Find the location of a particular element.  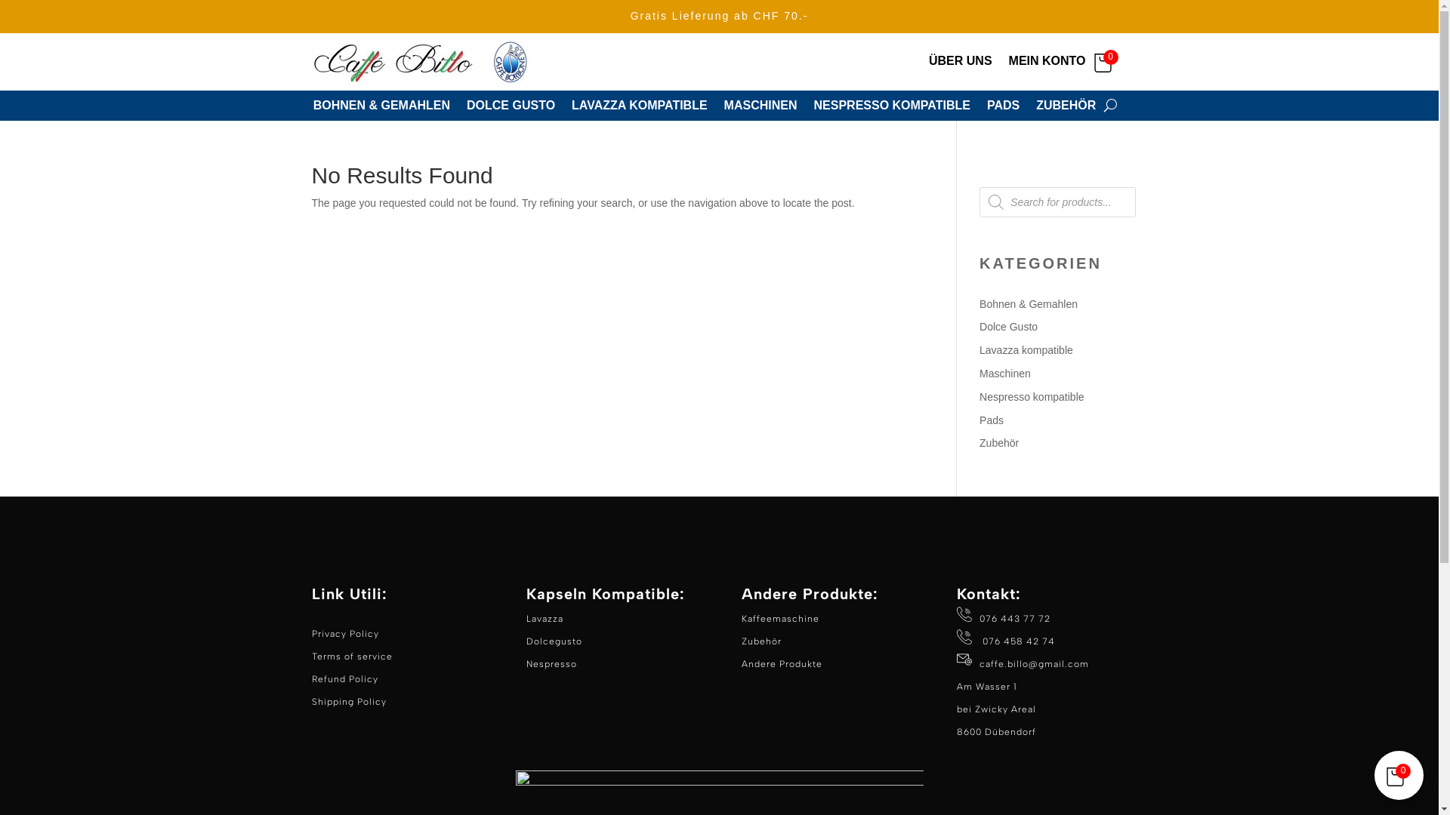

'NESPRESSO KOMPATIBLE' is located at coordinates (892, 107).